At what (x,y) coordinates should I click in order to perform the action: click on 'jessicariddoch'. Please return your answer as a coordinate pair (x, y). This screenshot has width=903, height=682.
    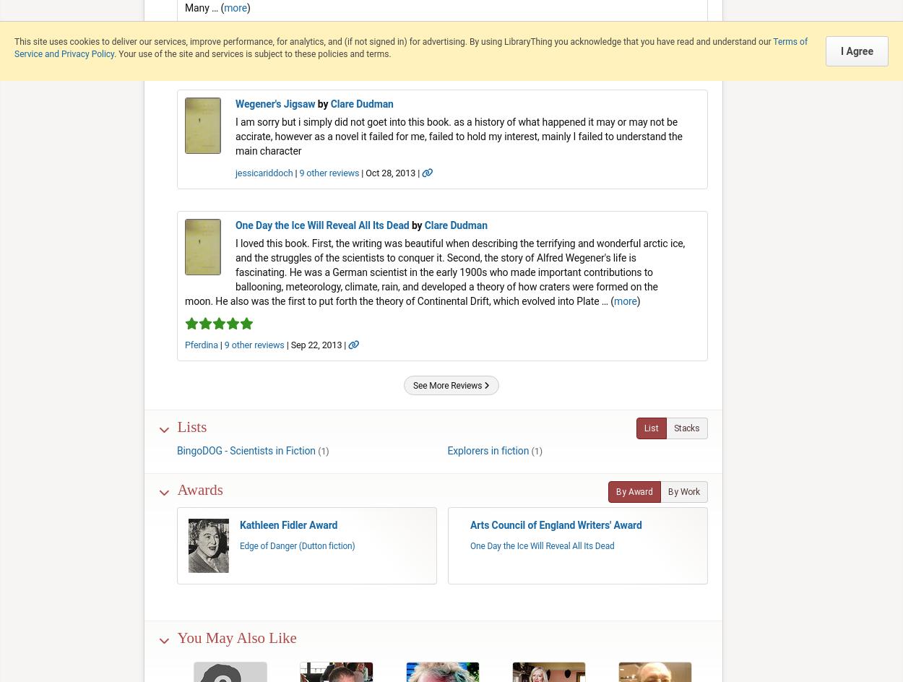
    Looking at the image, I should click on (263, 173).